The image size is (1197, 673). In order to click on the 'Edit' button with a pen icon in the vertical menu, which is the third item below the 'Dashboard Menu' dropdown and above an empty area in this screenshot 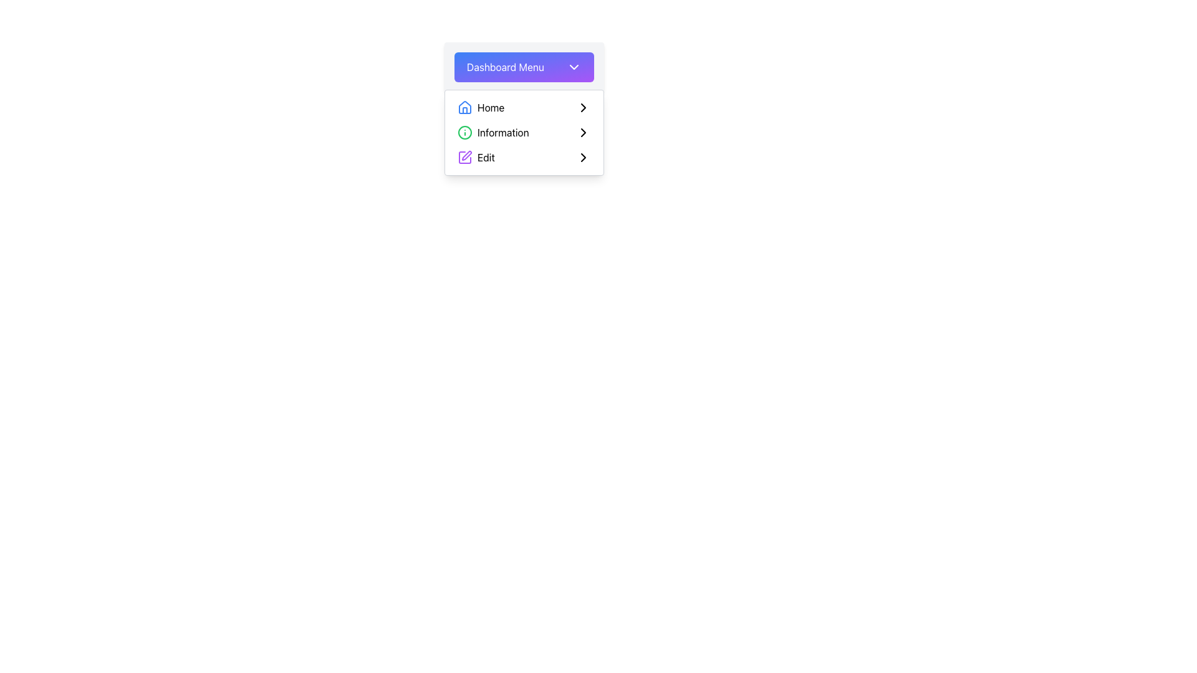, I will do `click(475, 157)`.